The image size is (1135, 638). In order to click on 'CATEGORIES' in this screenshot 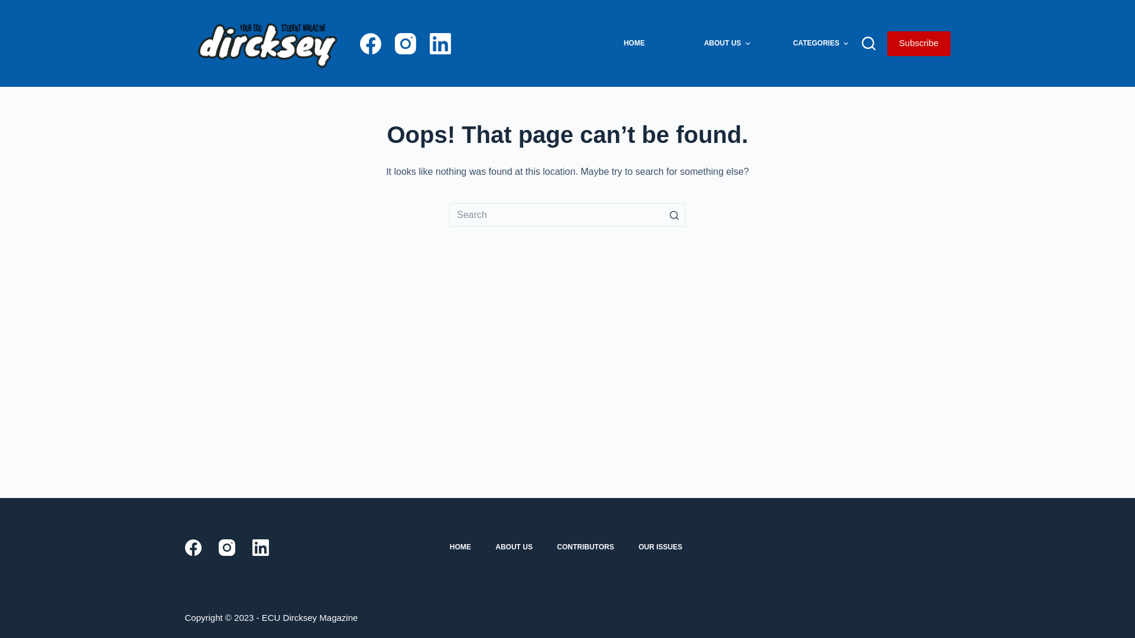, I will do `click(820, 43)`.